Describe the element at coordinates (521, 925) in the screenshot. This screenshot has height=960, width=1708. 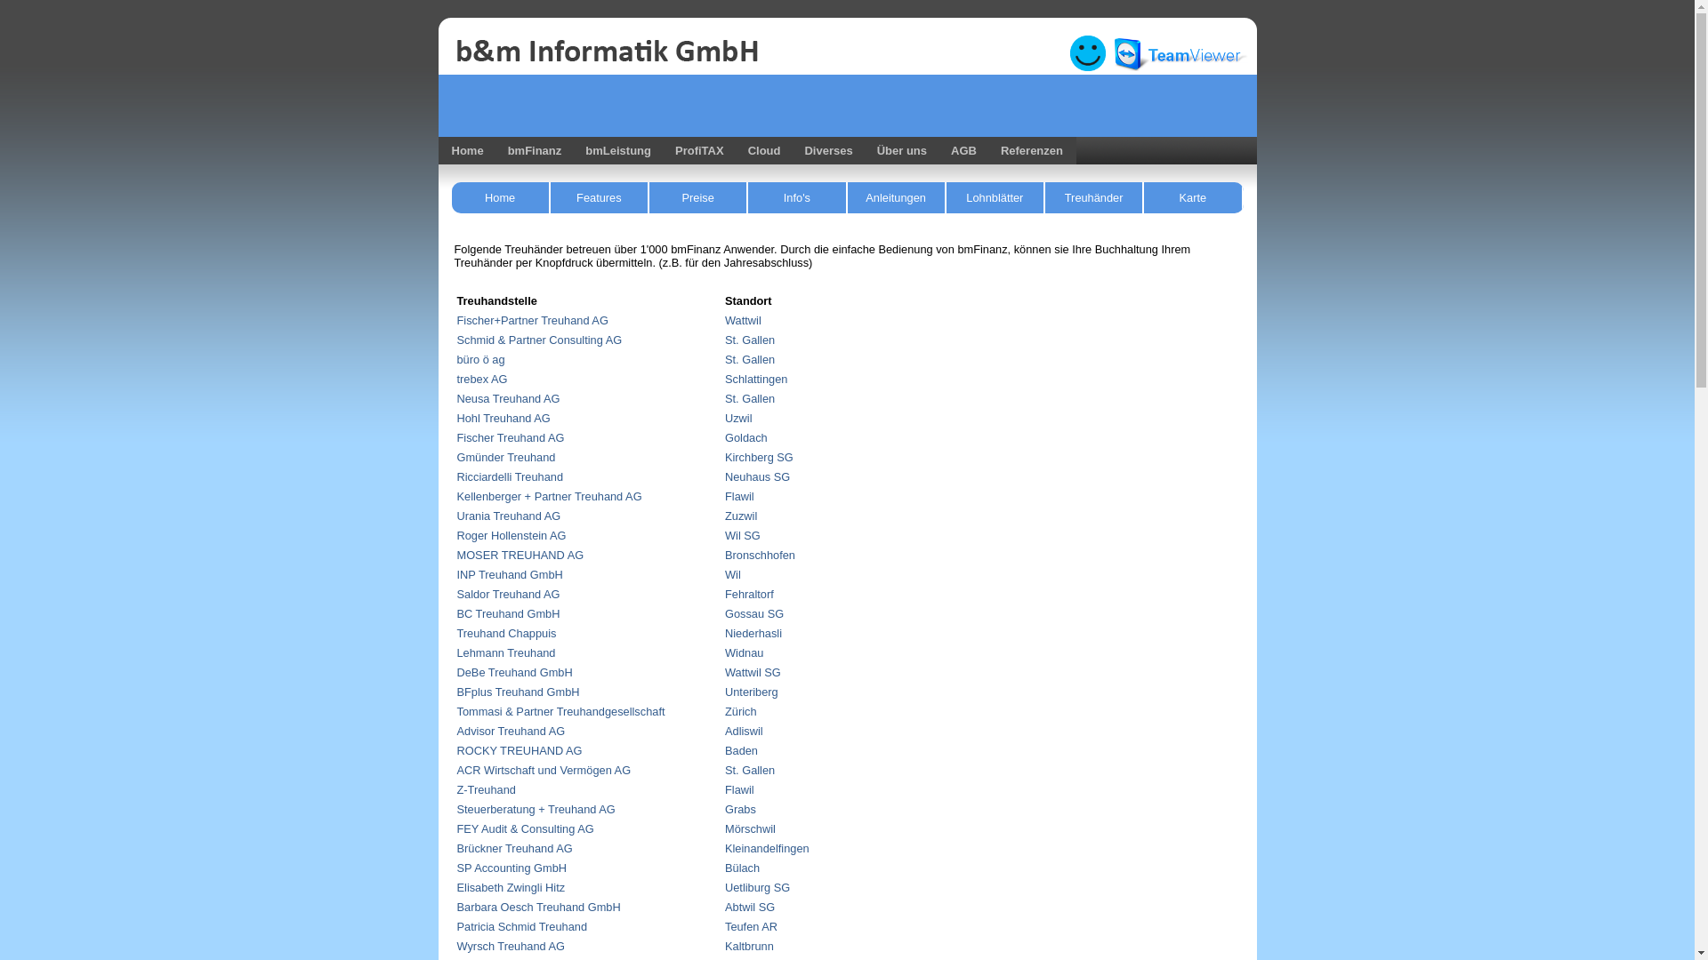
I see `'Patricia Schmid Treuhand'` at that location.